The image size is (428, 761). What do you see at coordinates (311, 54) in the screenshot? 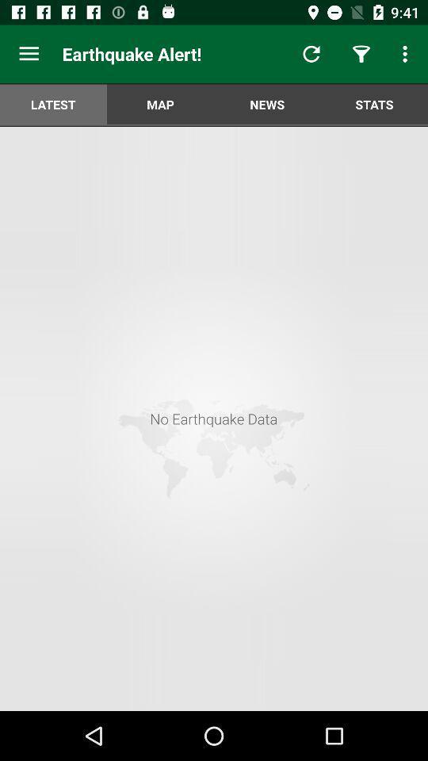
I see `app next to the earthquake alert!` at bounding box center [311, 54].